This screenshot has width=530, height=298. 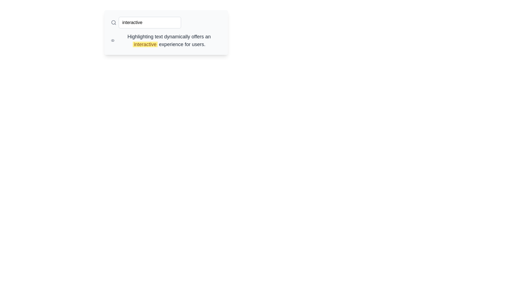 I want to click on the circular vector graphic element of the magnifying glass icon, which is located adjacent to the input field in the top-left corner of the search bar, so click(x=113, y=22).